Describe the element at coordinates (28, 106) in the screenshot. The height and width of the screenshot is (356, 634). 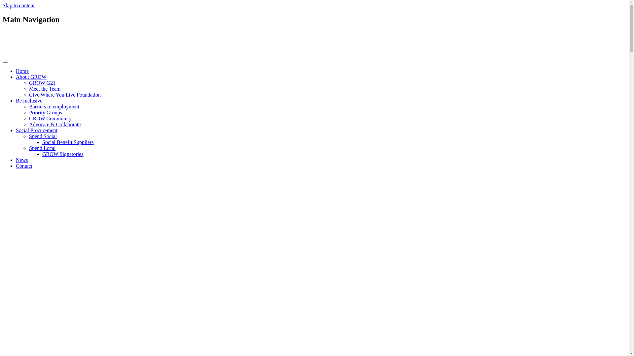
I see `'Barriers to employment'` at that location.